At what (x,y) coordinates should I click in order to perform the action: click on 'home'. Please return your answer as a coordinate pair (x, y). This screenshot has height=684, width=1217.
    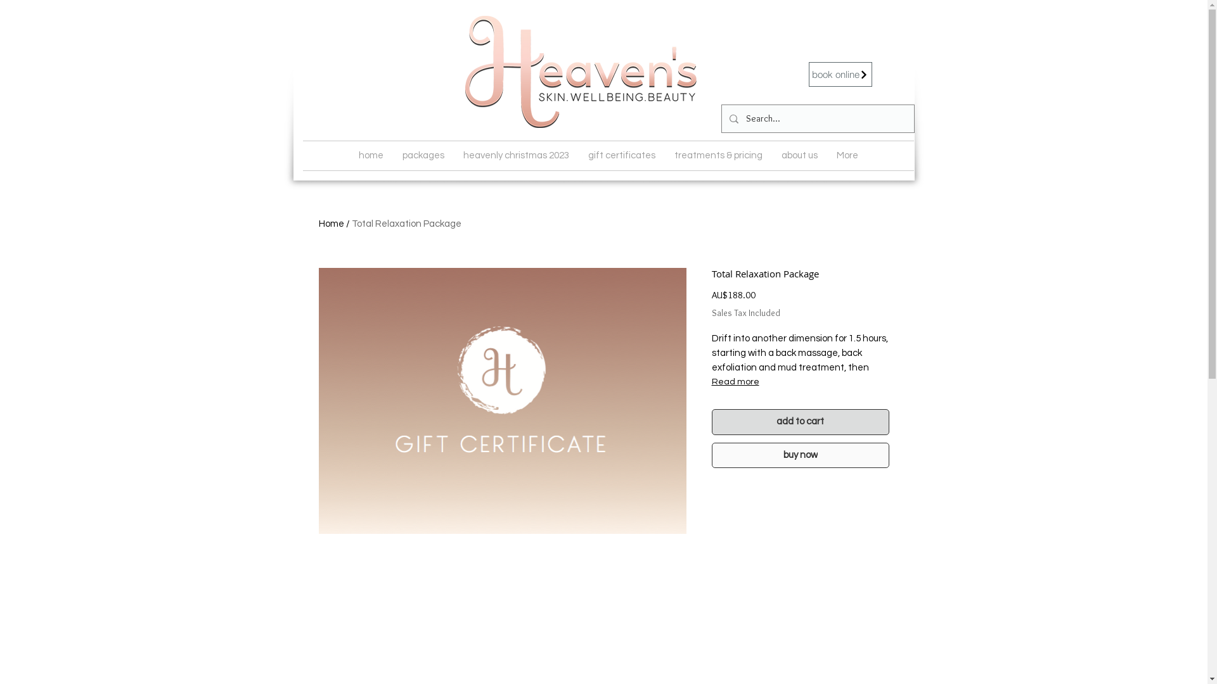
    Looking at the image, I should click on (370, 155).